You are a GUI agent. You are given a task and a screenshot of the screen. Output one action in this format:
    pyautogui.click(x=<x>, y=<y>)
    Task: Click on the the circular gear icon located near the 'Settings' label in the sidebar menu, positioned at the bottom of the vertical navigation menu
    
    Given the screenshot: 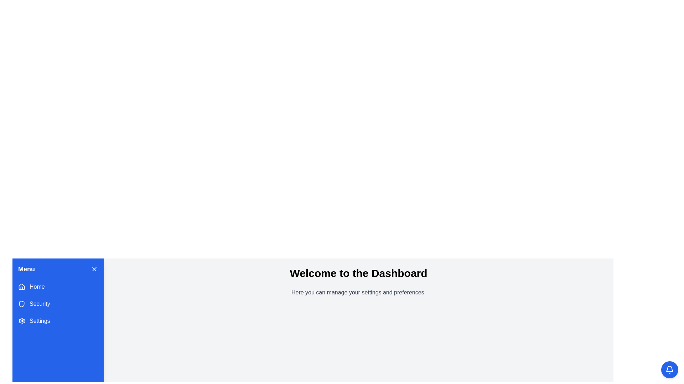 What is the action you would take?
    pyautogui.click(x=22, y=321)
    